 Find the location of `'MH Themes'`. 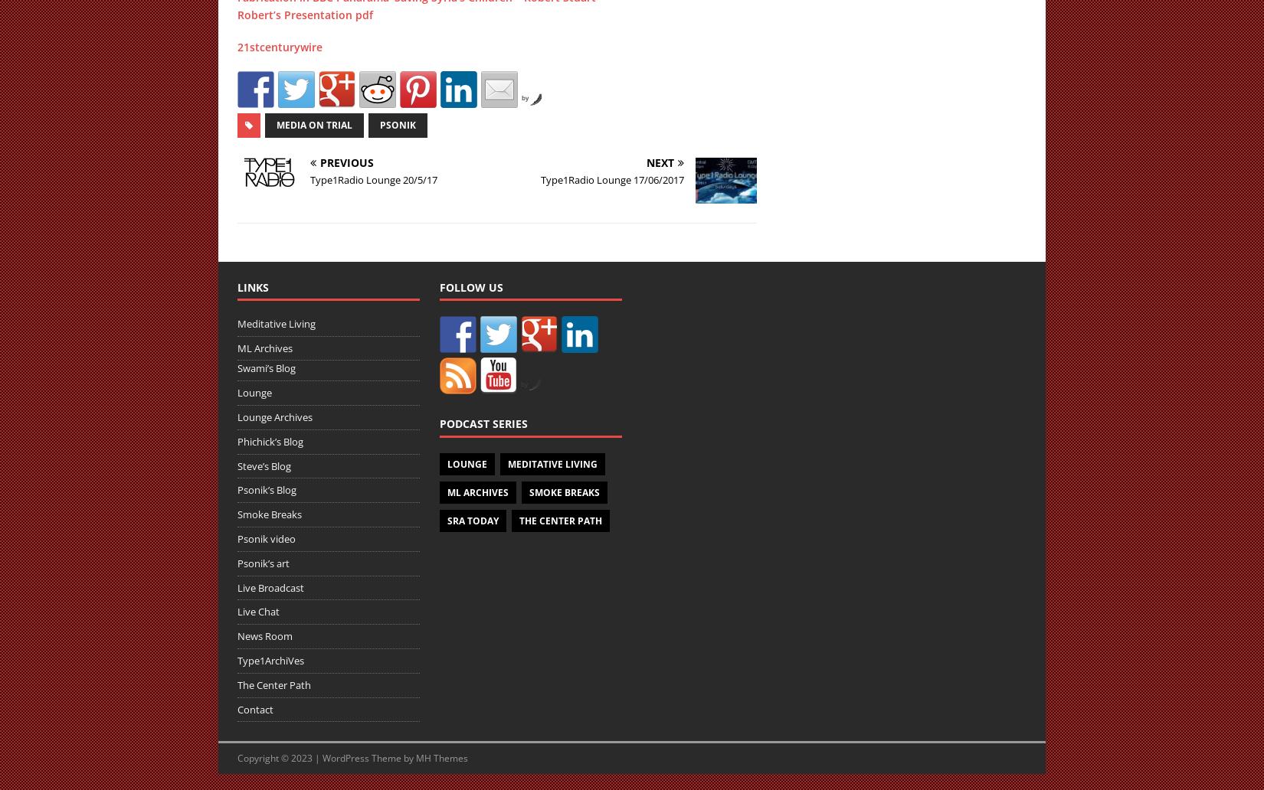

'MH Themes' is located at coordinates (441, 757).